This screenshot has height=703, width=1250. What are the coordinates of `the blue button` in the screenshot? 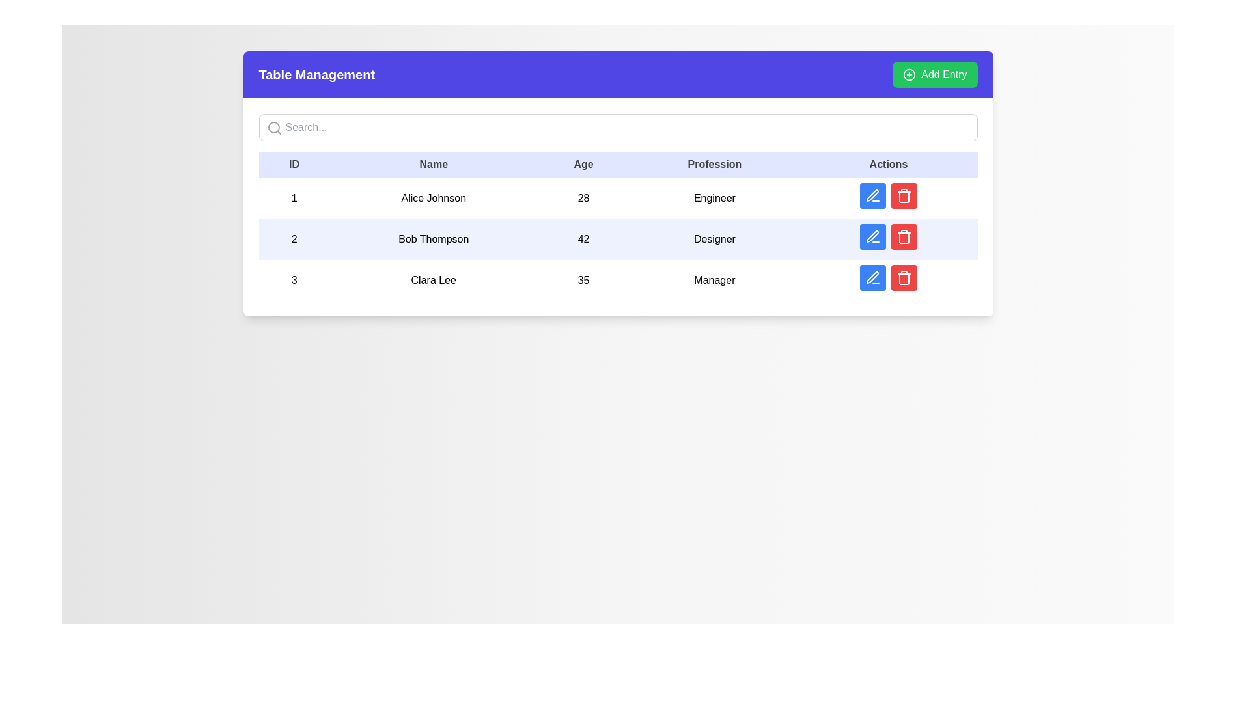 It's located at (887, 195).